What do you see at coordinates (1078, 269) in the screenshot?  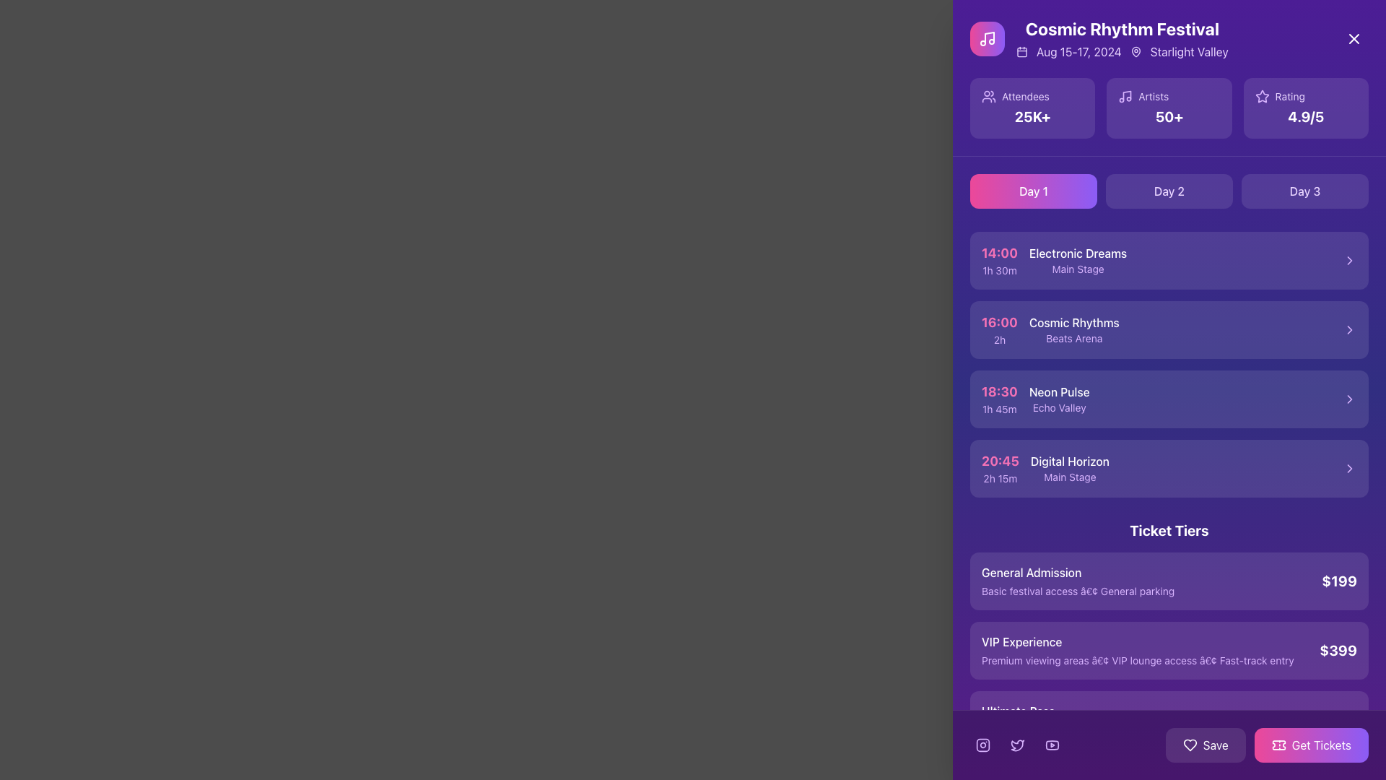 I see `the Static Text Label that informs the user about the stage location of the 'Electronic Dreams' event, located underneath the event title at 14:00 on Day 1` at bounding box center [1078, 269].